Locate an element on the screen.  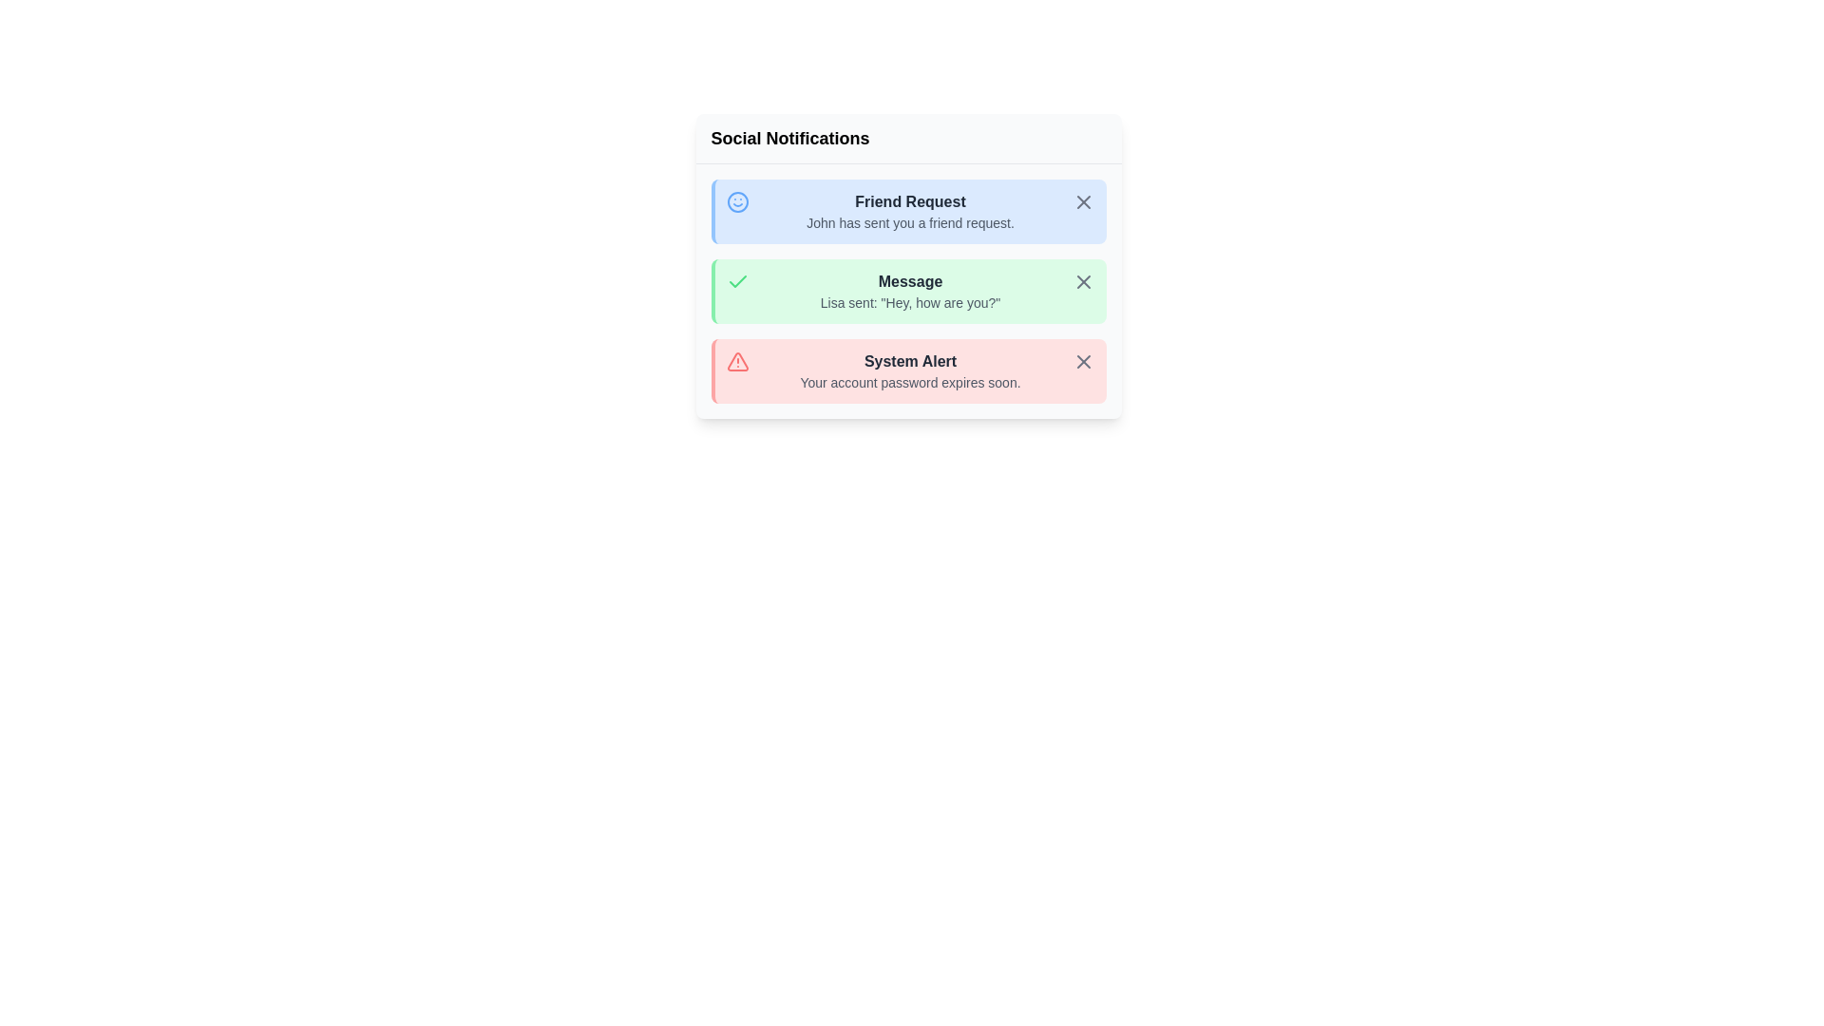
the Notification card that has a light green background with the bold text 'Message' and the smaller text 'Lisa sent: "Hey, how are you?"'. It is positioned in the second row of notifications, between 'Friend Request' and 'System Alert' is located at coordinates (907, 292).